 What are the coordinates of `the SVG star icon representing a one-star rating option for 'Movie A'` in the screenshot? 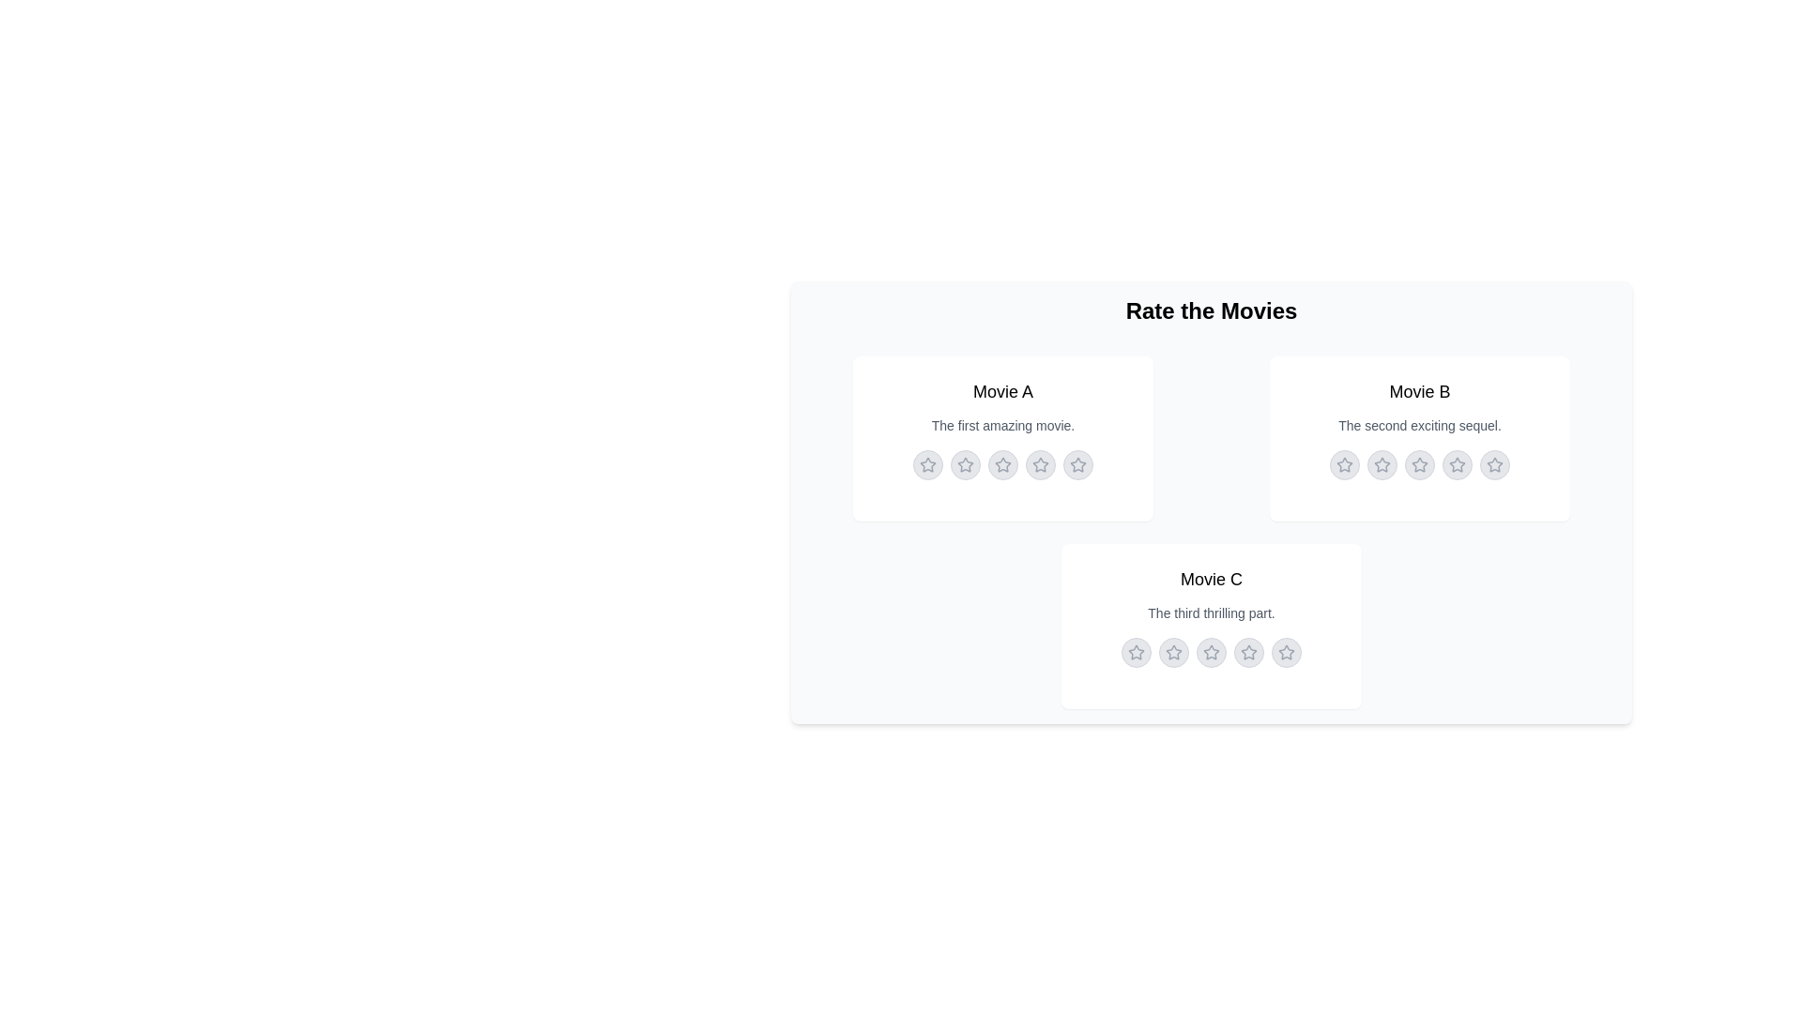 It's located at (965, 464).